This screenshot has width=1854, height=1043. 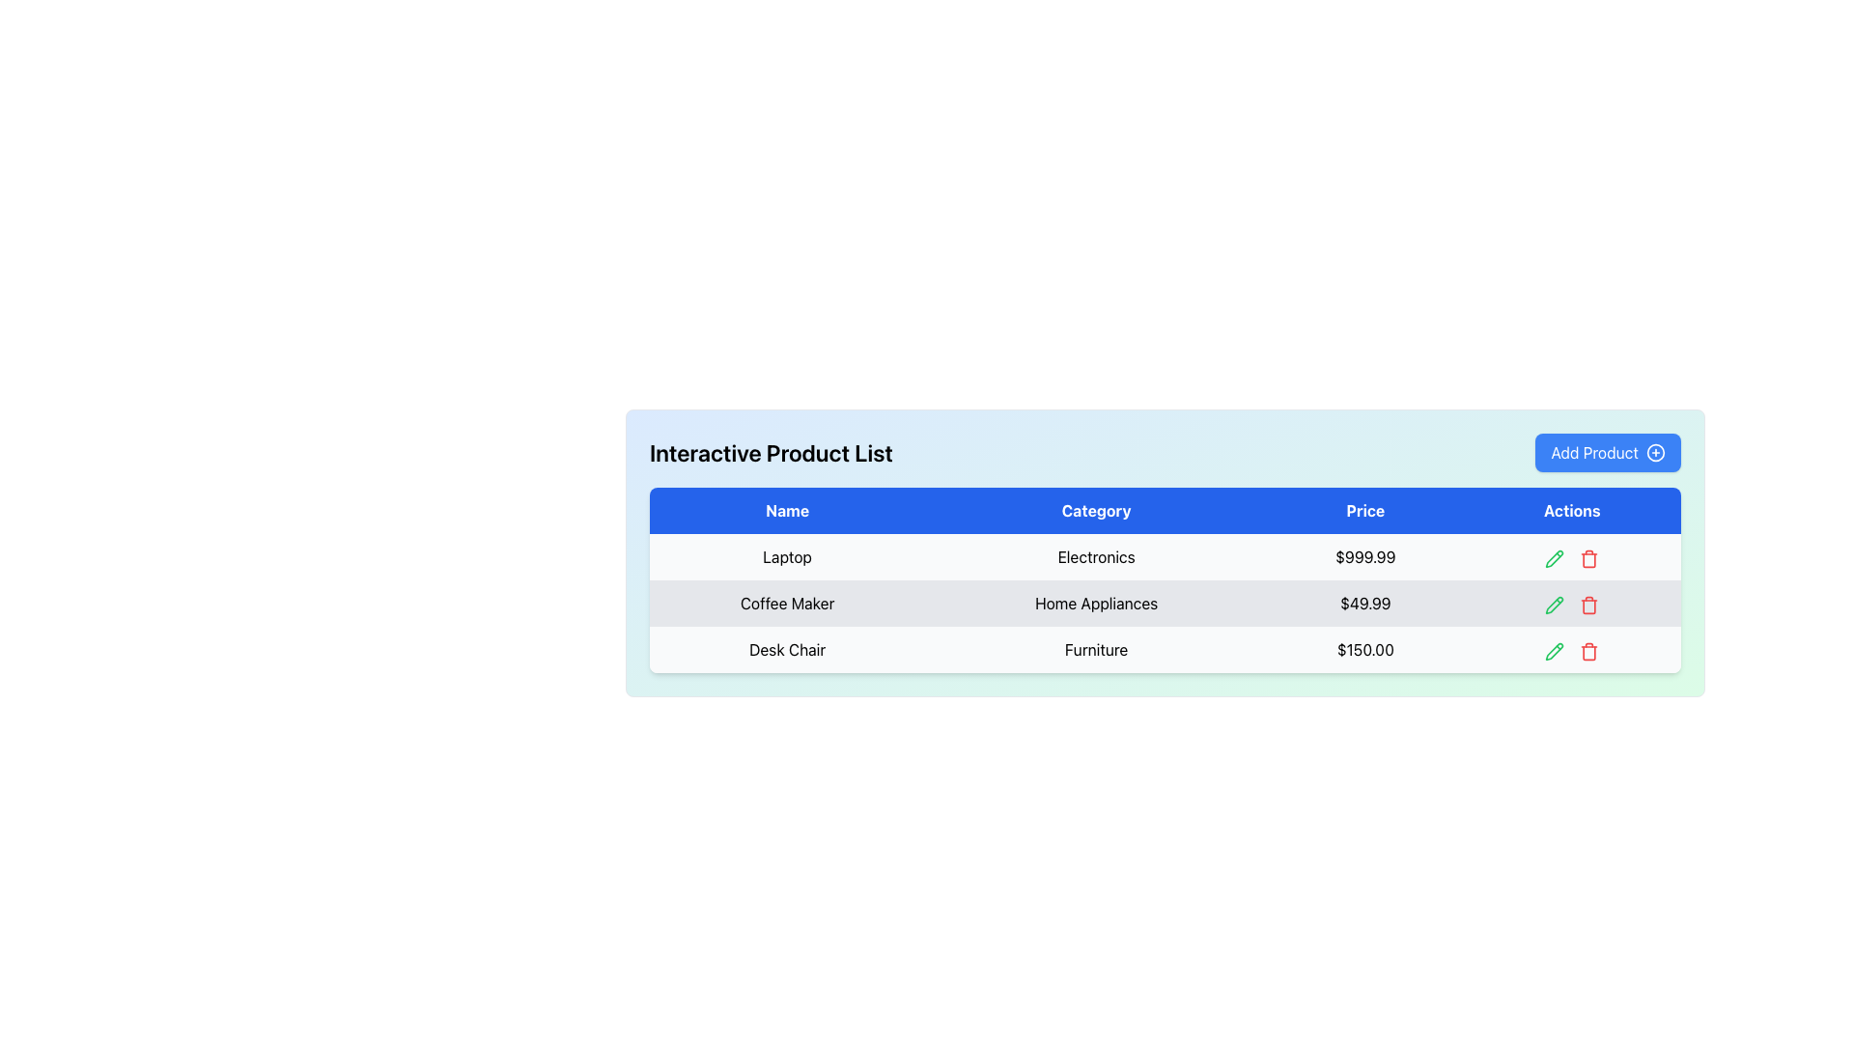 I want to click on the green pencil icon in the rightmost 'Actions' column of the first row, so click(x=1555, y=558).